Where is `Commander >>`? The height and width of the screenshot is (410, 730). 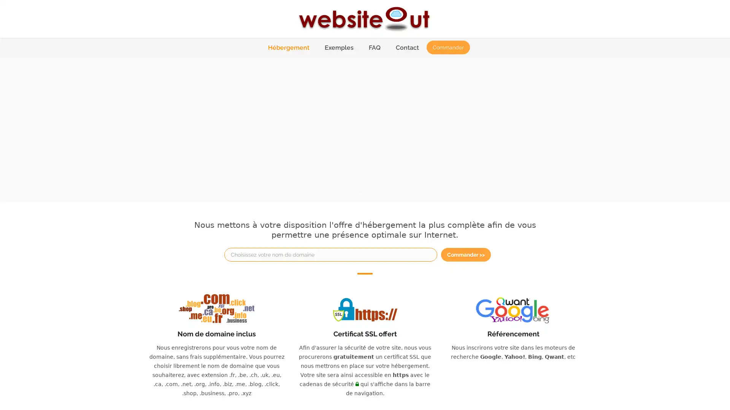
Commander >> is located at coordinates (465, 254).